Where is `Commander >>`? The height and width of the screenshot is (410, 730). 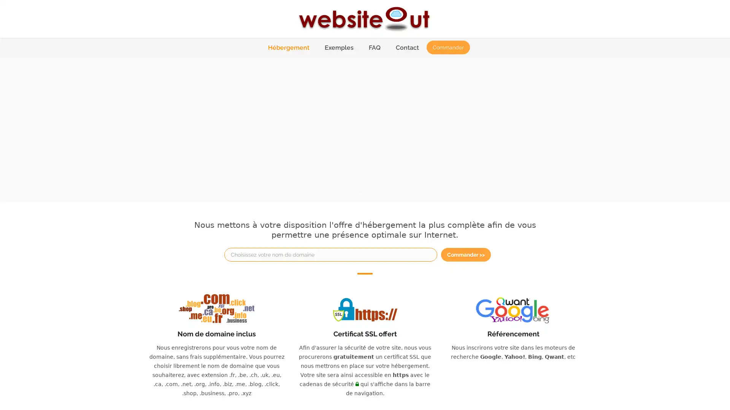
Commander >> is located at coordinates (465, 254).